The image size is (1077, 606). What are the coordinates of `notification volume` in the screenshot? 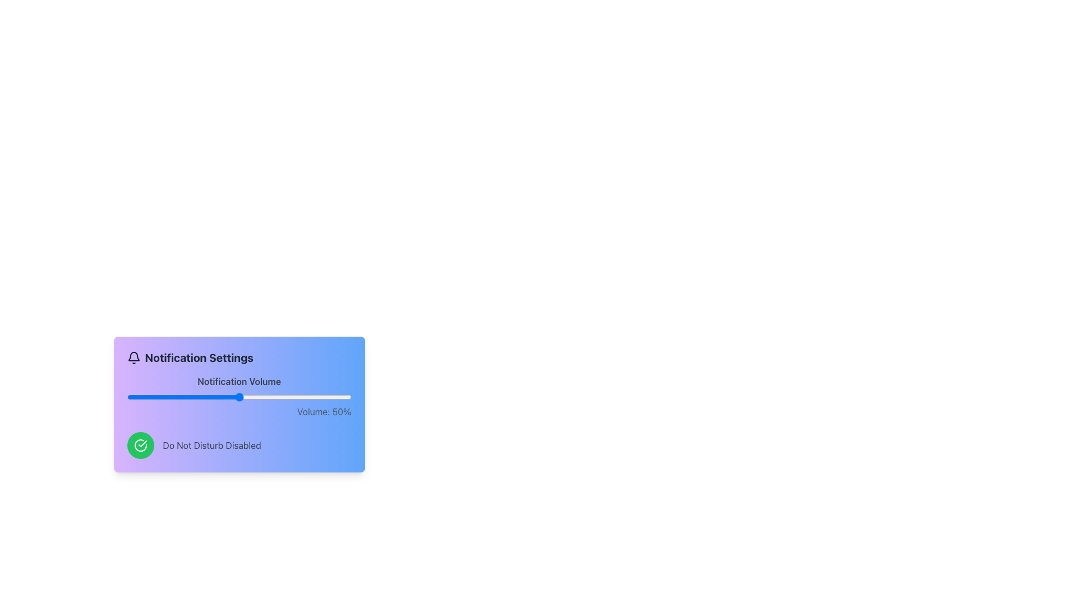 It's located at (315, 397).